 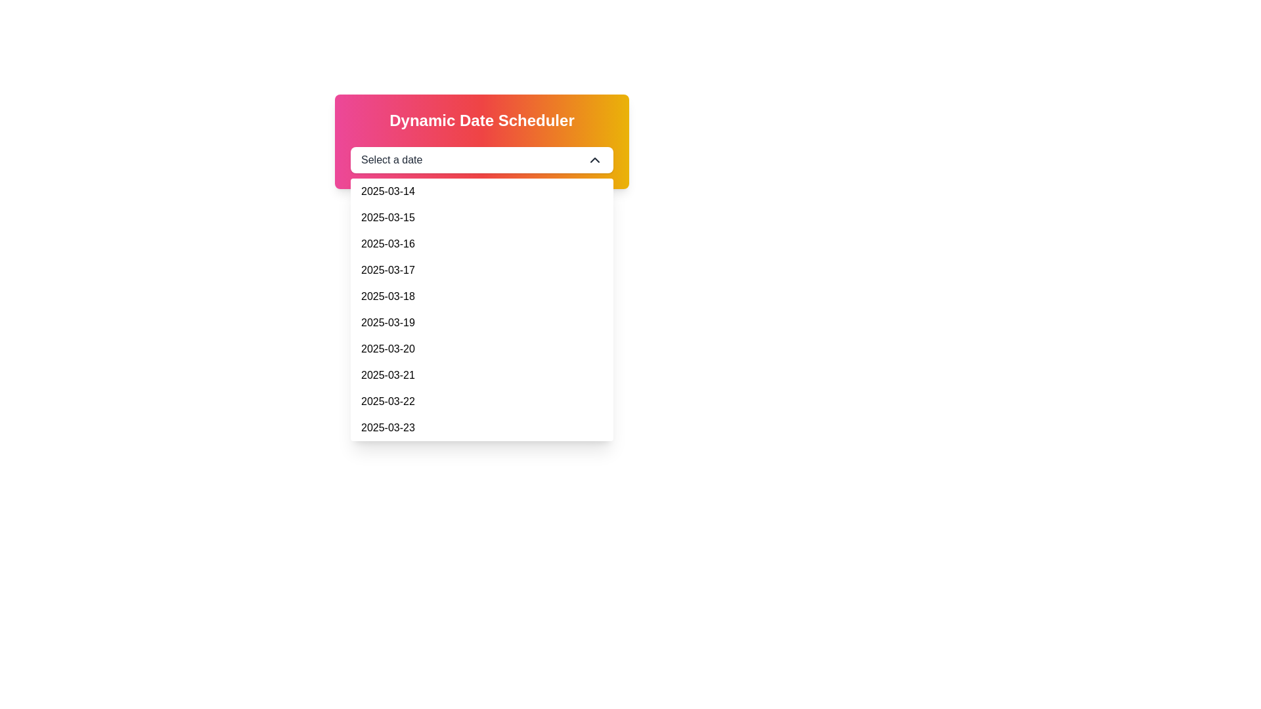 What do you see at coordinates (387, 349) in the screenshot?
I see `the dropdown menu item displaying the date '2025-03-20'` at bounding box center [387, 349].